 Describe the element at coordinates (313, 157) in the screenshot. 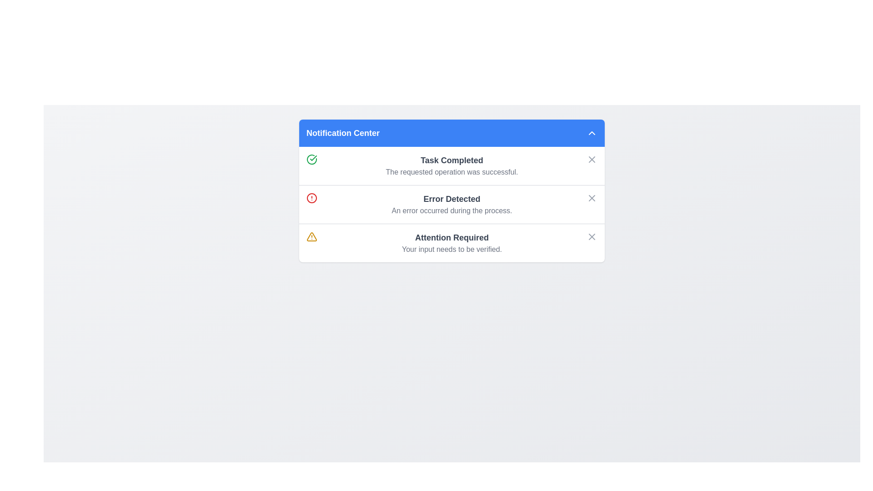

I see `the notification icon that indicates a task has been successfully completed, located to the left of the 'Task Completed' text in the notification center` at that location.